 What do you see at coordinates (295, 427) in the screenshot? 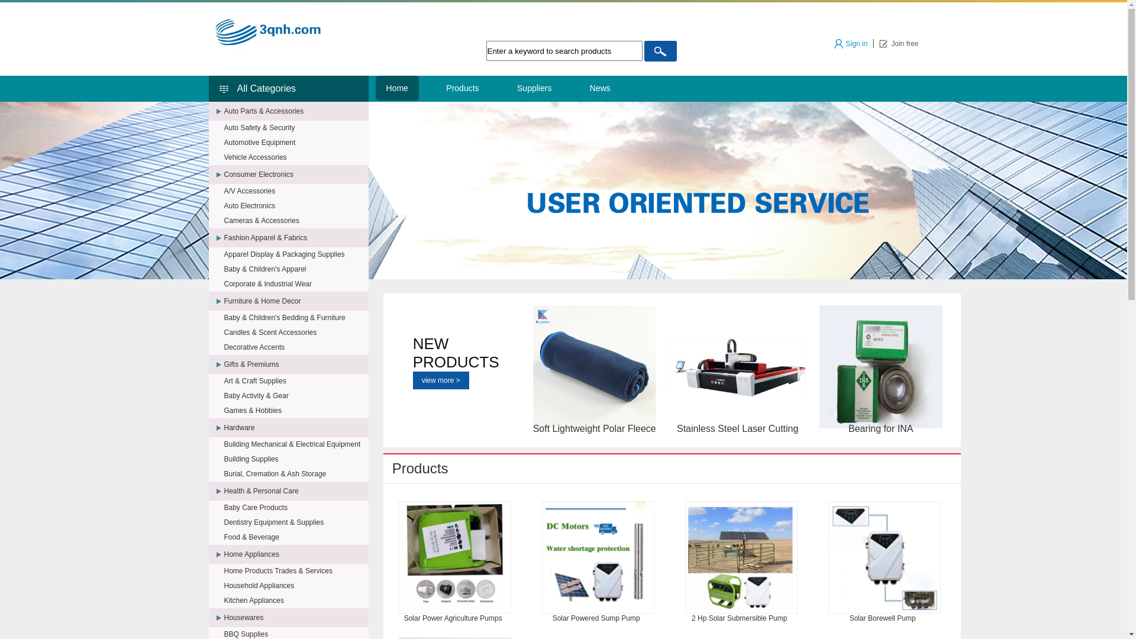
I see `'Hardware'` at bounding box center [295, 427].